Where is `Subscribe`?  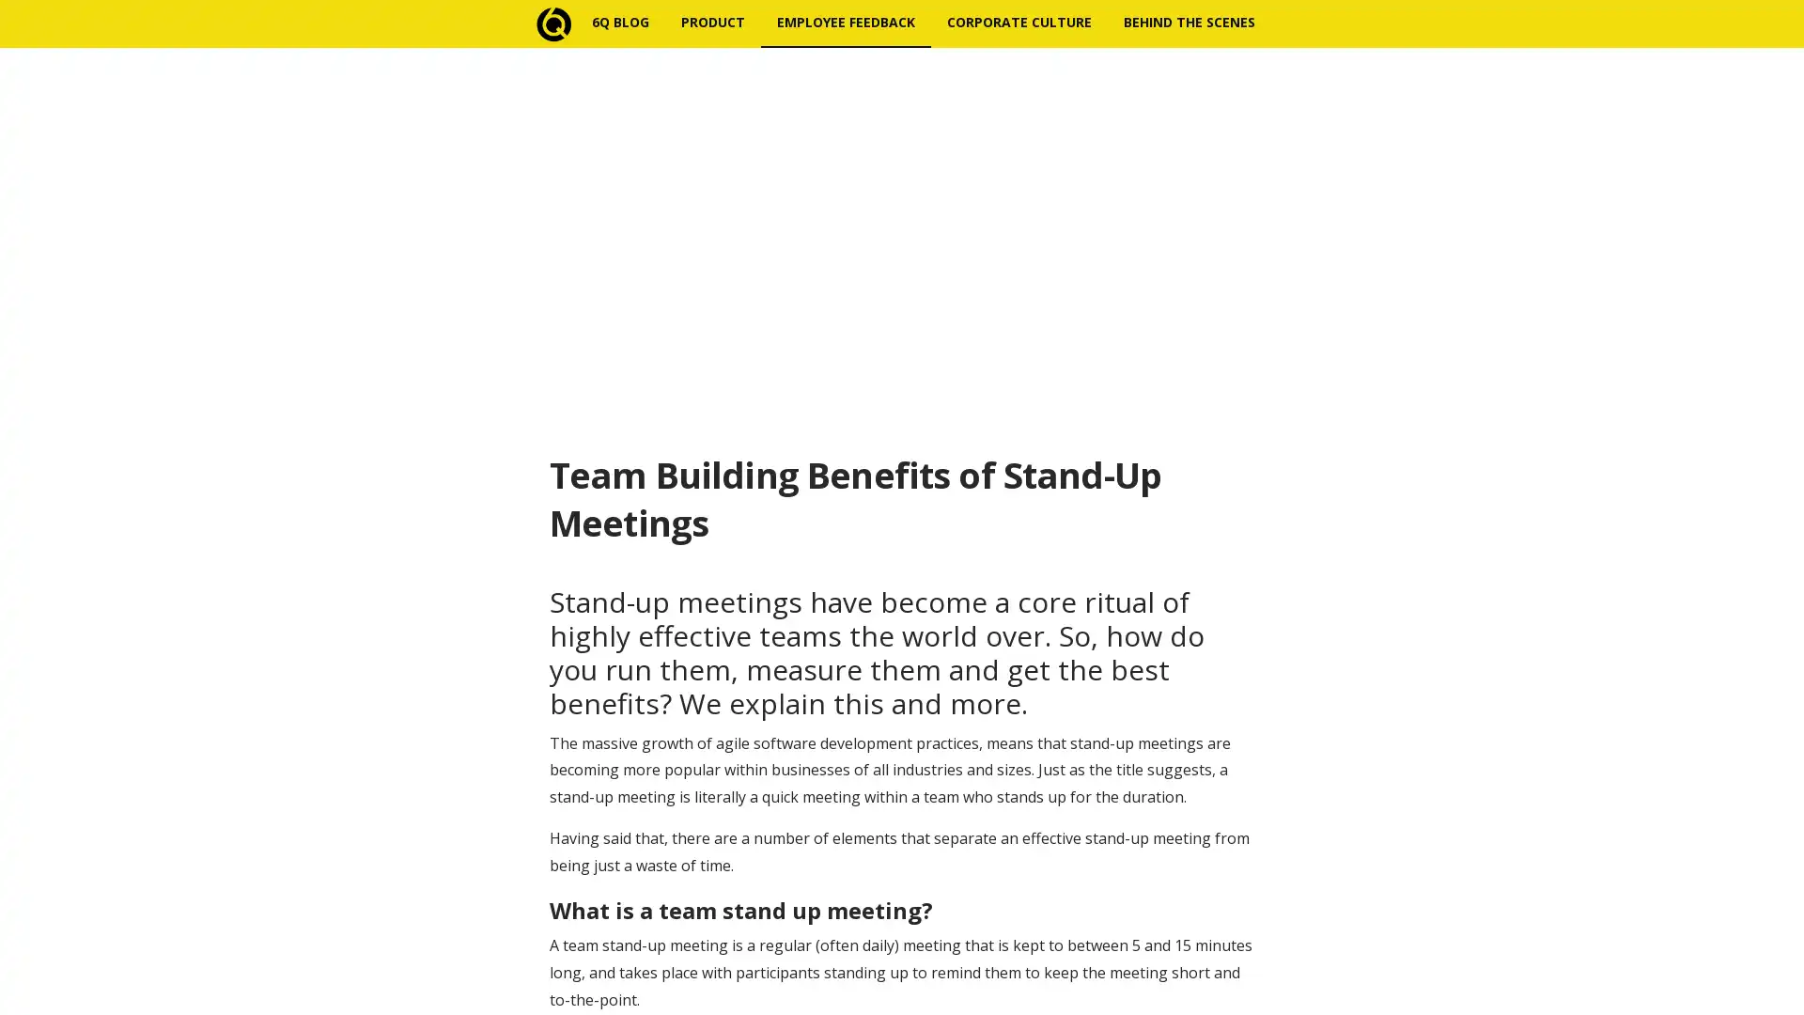 Subscribe is located at coordinates (1109, 988).